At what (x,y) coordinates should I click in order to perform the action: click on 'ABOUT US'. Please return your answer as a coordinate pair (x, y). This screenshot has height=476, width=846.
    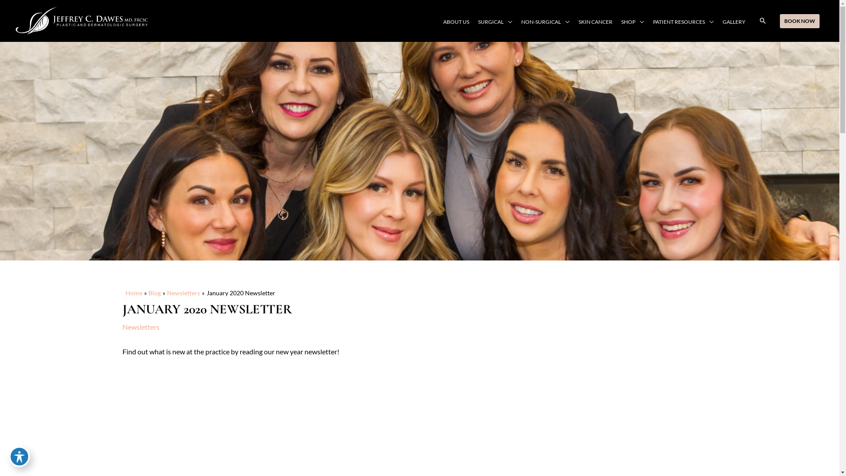
    Looking at the image, I should click on (439, 22).